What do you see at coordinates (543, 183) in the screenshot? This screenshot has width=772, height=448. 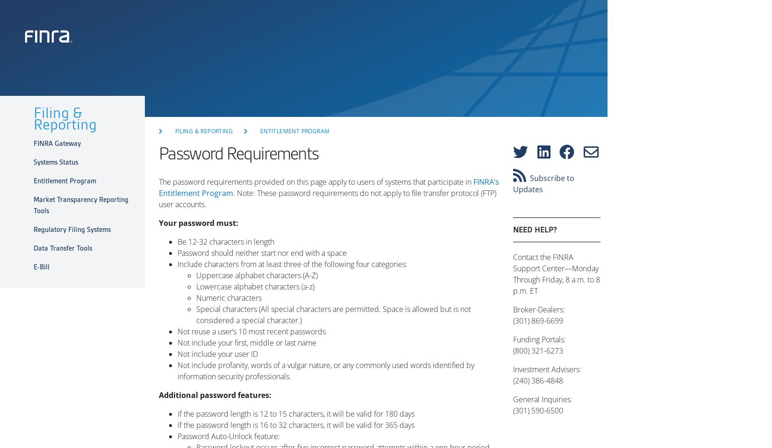 I see `'Subscribe to Updates'` at bounding box center [543, 183].